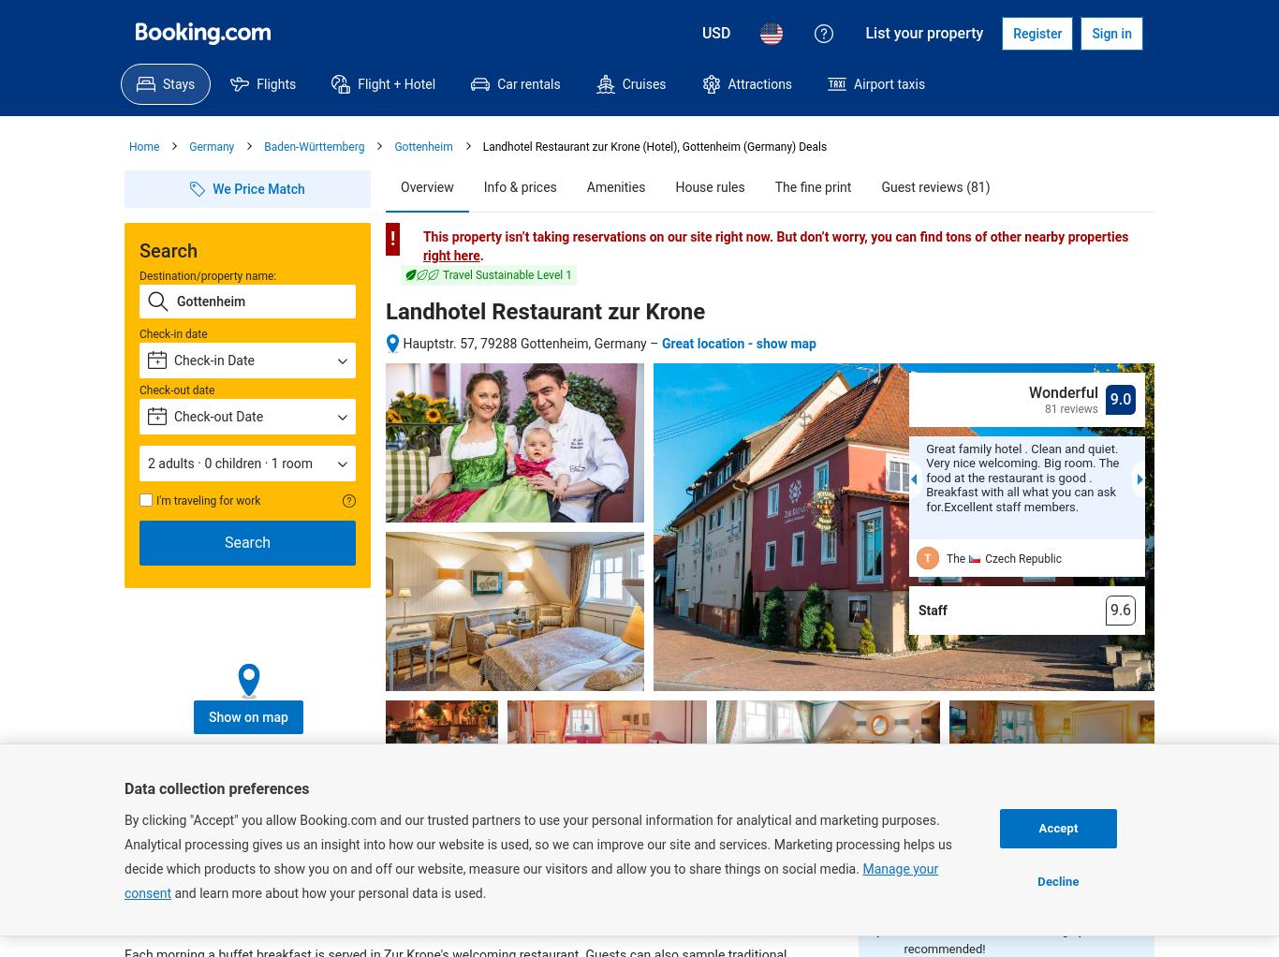 This screenshot has width=1279, height=957. What do you see at coordinates (520, 187) in the screenshot?
I see `'Info & prices'` at bounding box center [520, 187].